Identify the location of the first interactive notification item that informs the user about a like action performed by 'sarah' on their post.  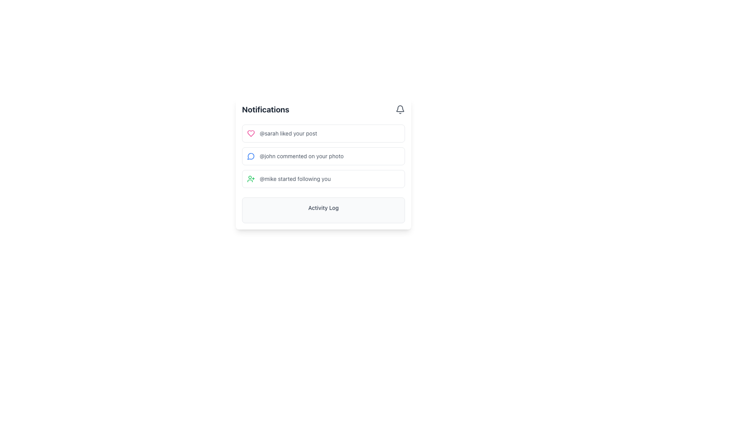
(323, 133).